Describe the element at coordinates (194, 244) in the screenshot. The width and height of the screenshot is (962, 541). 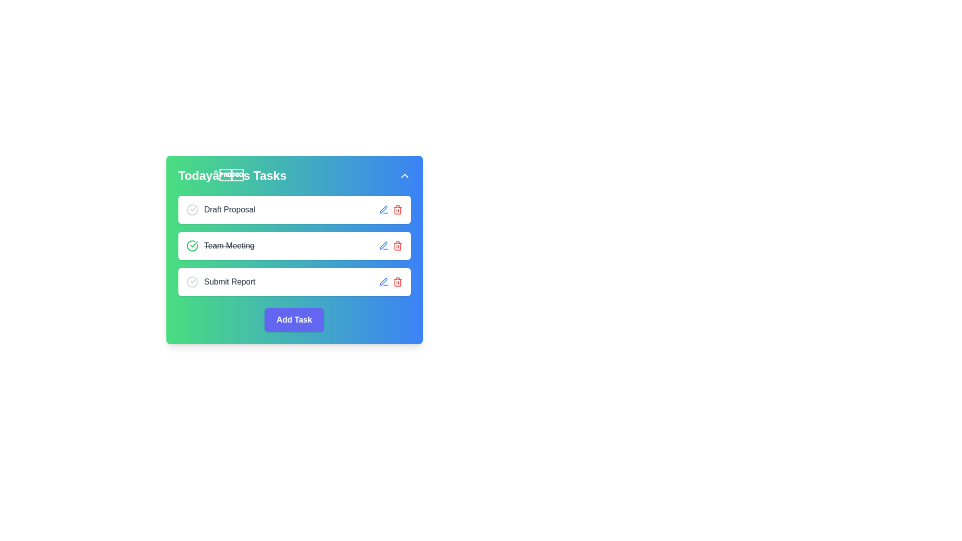
I see `the green checkmark icon styled in a circular badge located to the left of the text 'Team Meeting' in the second row of the task list` at that location.